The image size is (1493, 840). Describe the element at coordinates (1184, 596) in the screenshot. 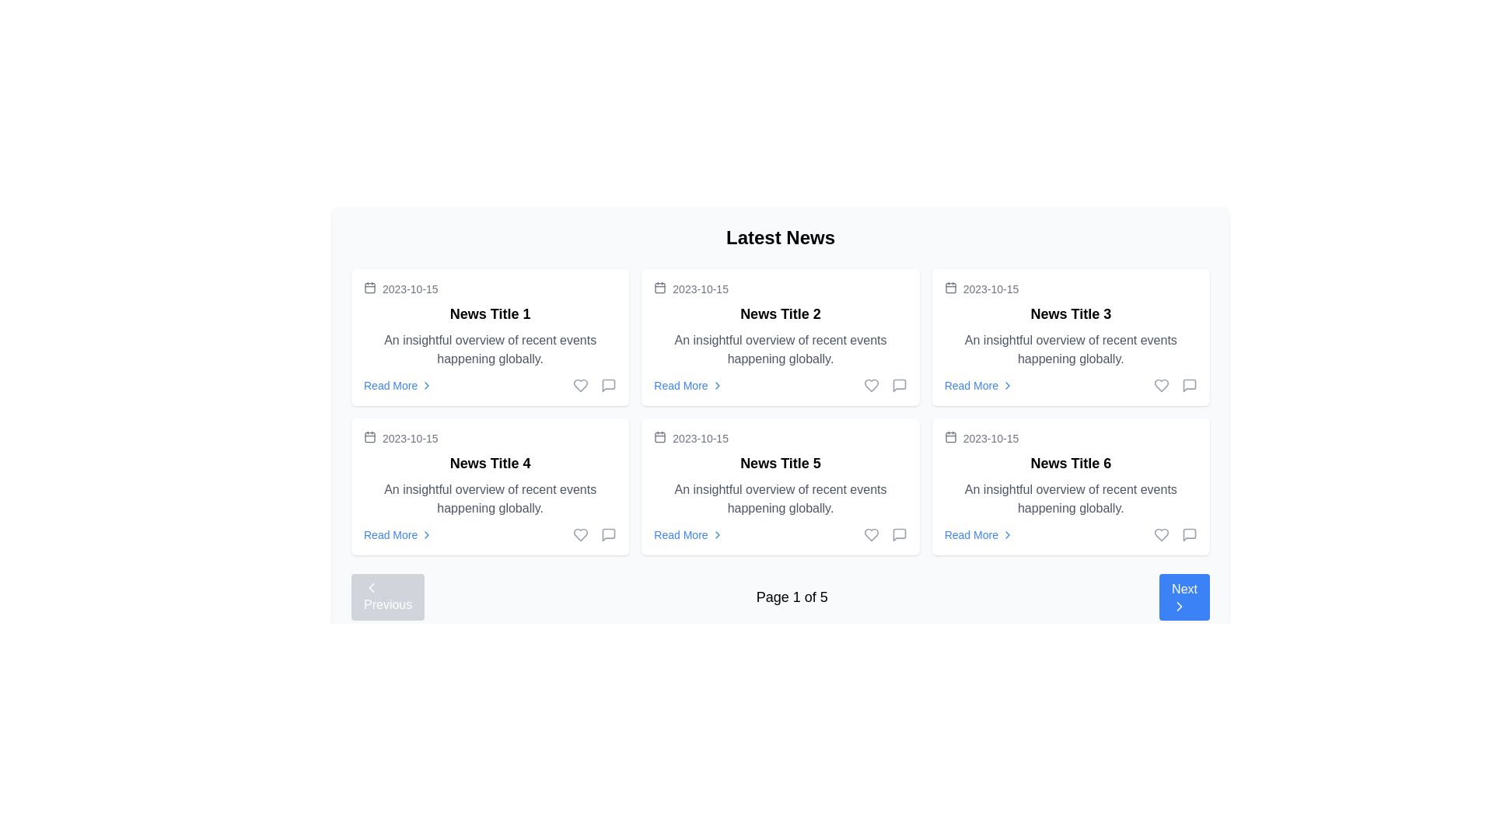

I see `keyboard navigation` at that location.